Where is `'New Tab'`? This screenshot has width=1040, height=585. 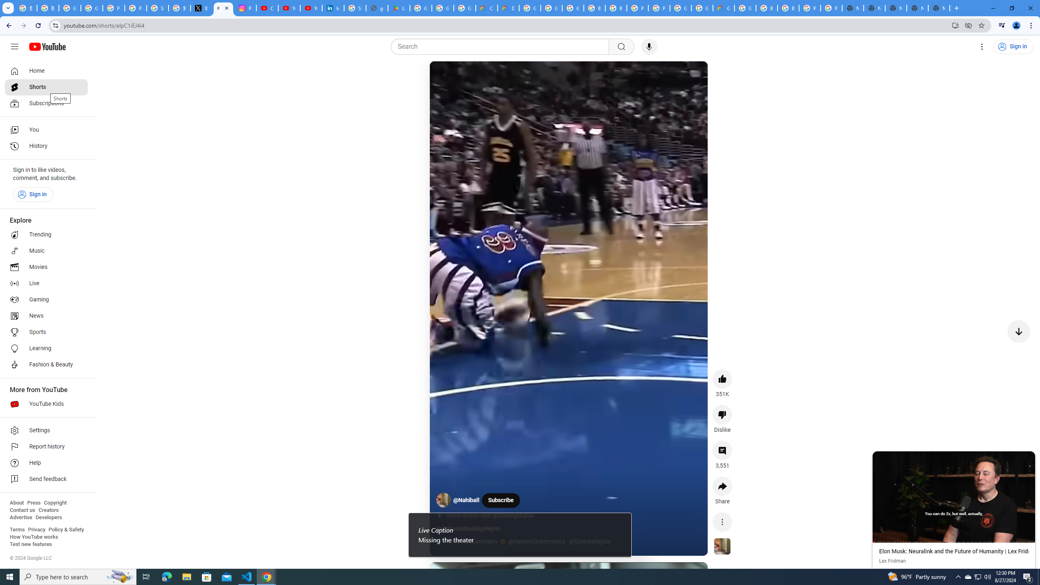
'New Tab' is located at coordinates (939, 8).